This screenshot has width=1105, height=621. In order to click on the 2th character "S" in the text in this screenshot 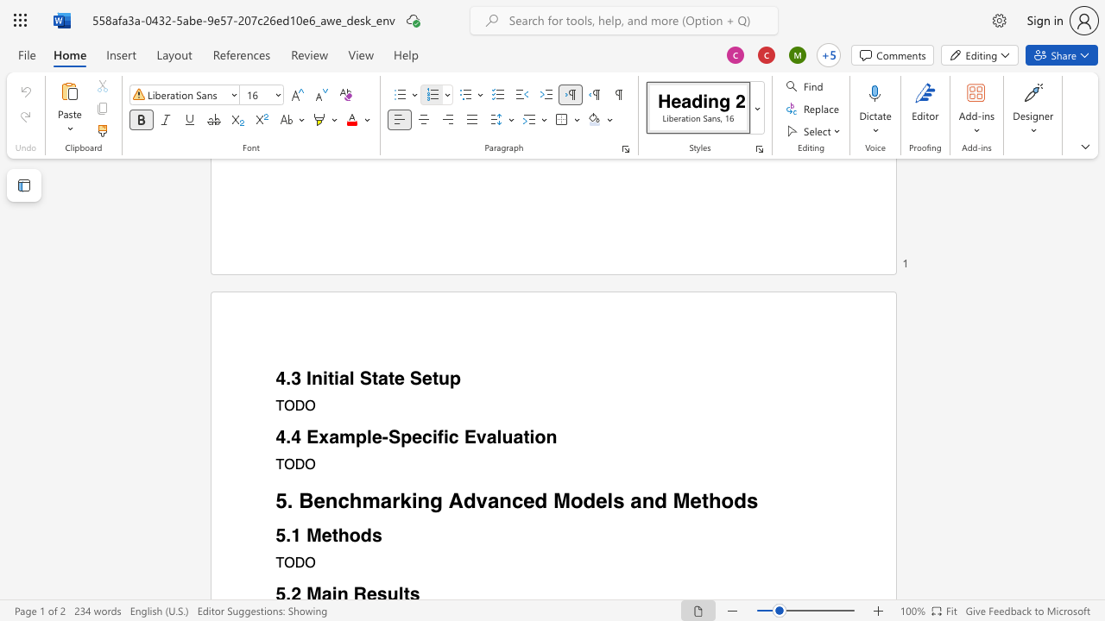, I will do `click(415, 378)`.